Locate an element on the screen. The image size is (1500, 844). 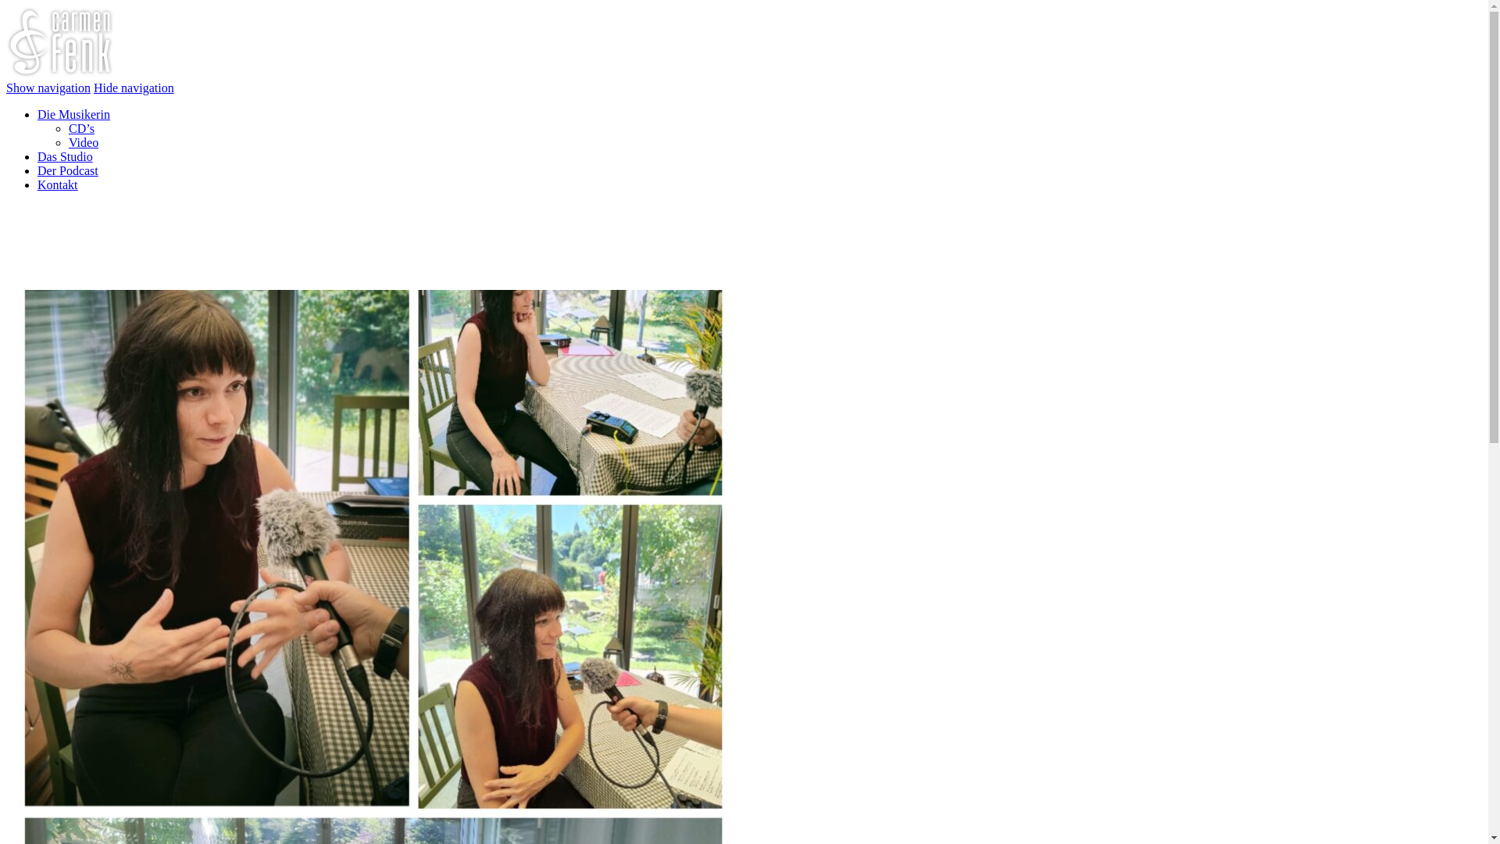
'Carmen Fenk' is located at coordinates (59, 73).